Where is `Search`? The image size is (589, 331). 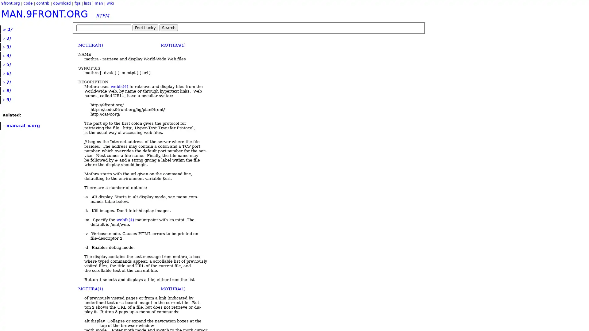 Search is located at coordinates (169, 28).